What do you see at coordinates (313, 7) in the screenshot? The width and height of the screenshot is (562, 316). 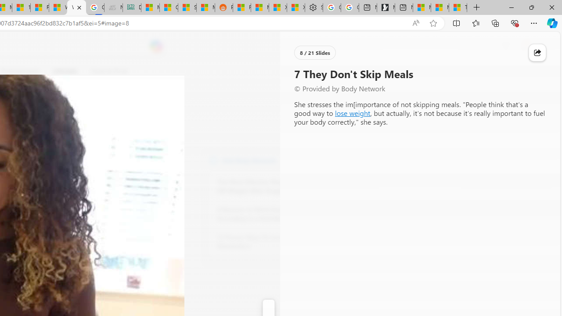 I see `'Settings'` at bounding box center [313, 7].